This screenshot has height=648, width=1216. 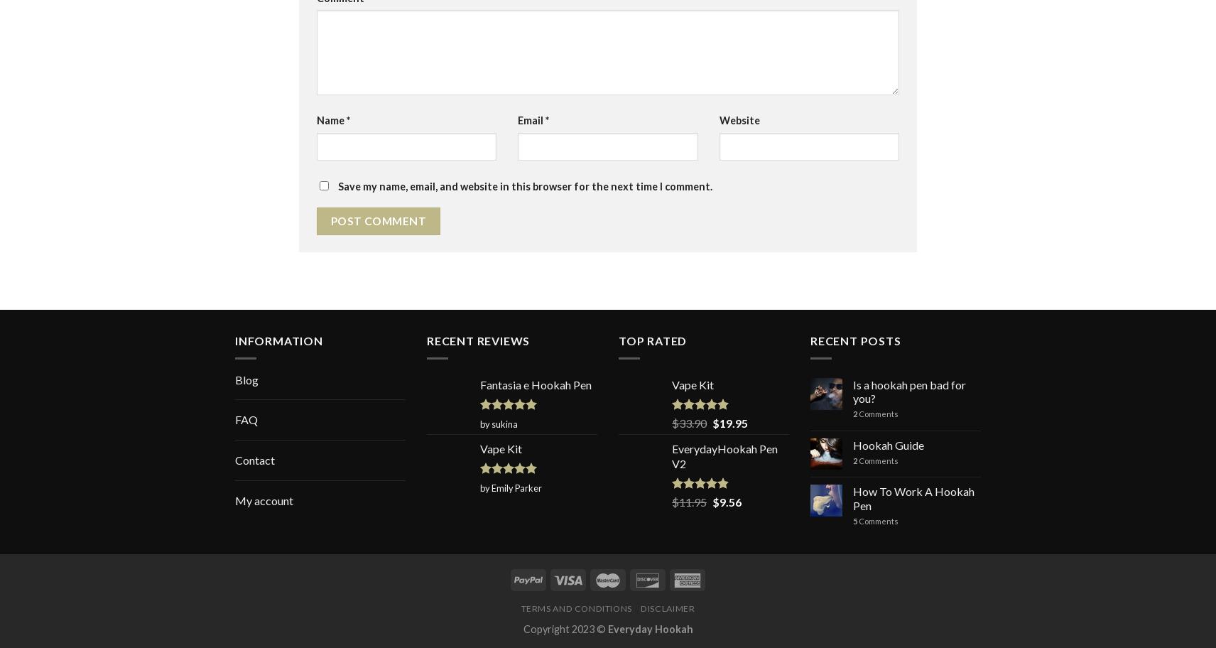 I want to click on 'Website', so click(x=738, y=119).